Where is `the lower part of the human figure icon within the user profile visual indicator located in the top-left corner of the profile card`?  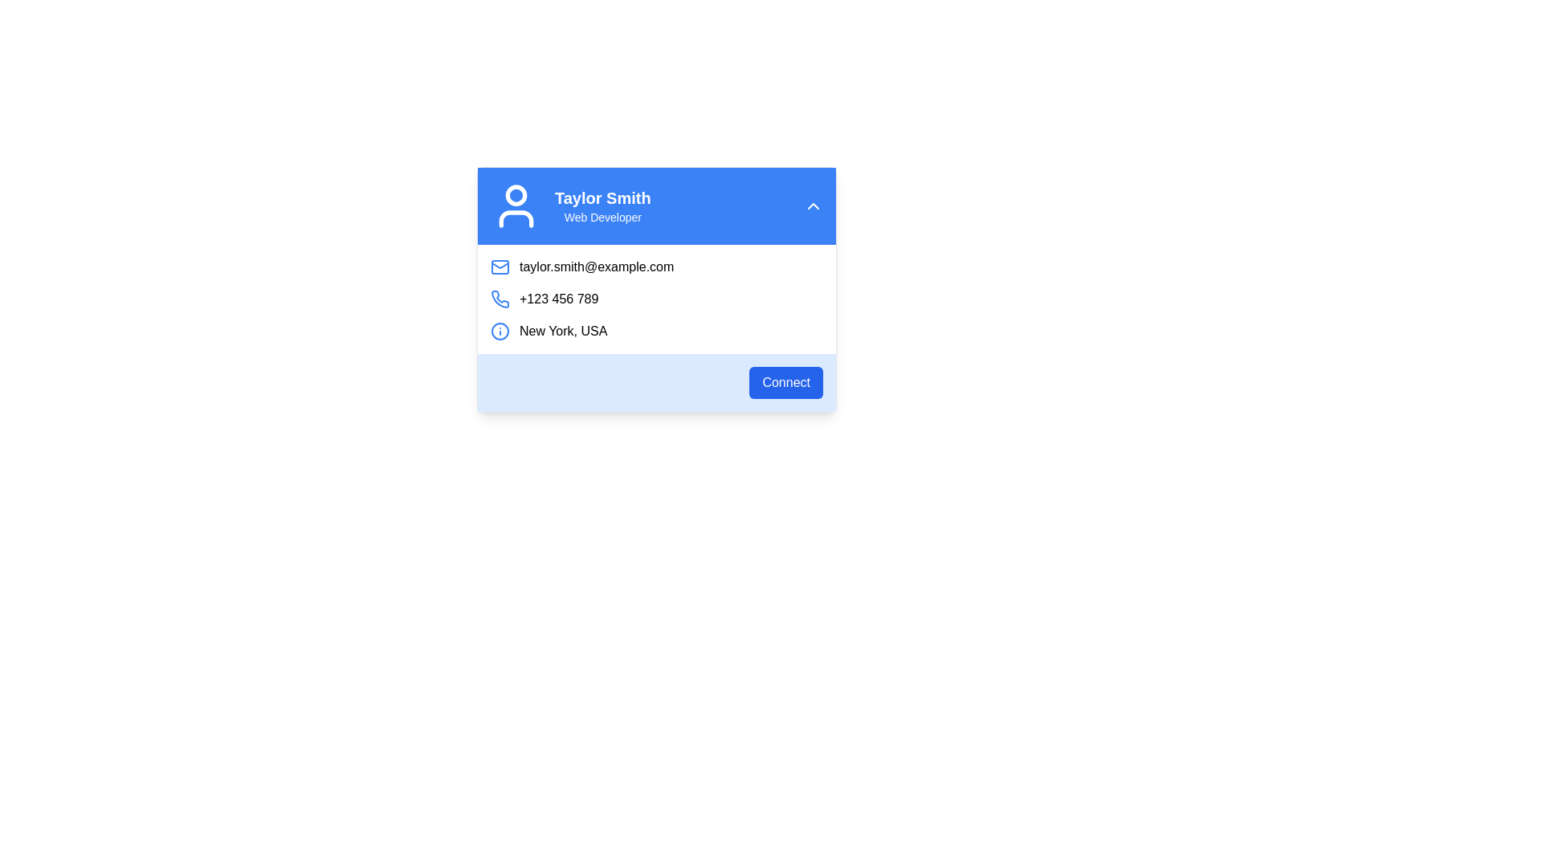
the lower part of the human figure icon within the user profile visual indicator located in the top-left corner of the profile card is located at coordinates (516, 219).